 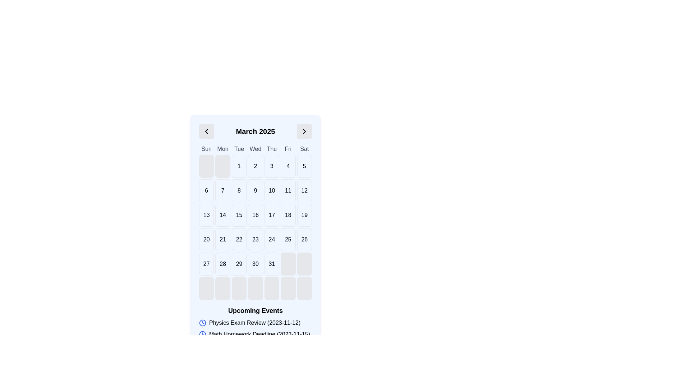 I want to click on the text box representing the fourth day of the month in the calendar grid, located beneath 'Fri', so click(x=288, y=166).